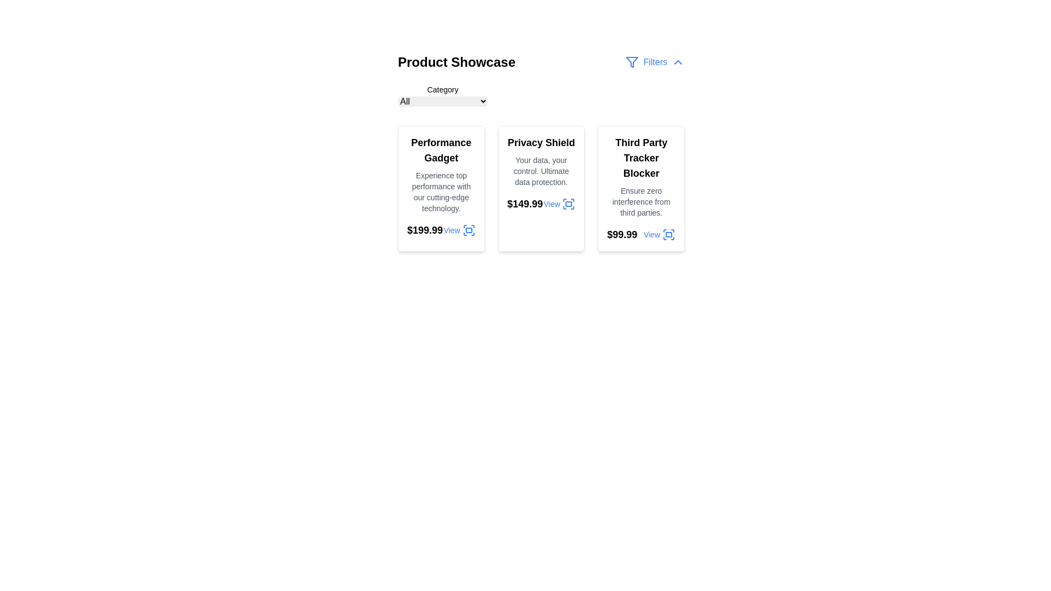  Describe the element at coordinates (541, 188) in the screenshot. I see `product information displayed on the 'Privacy Shield' product card located in the main 'Product Showcase' section, which is the second card in a horizontal alignment` at that location.